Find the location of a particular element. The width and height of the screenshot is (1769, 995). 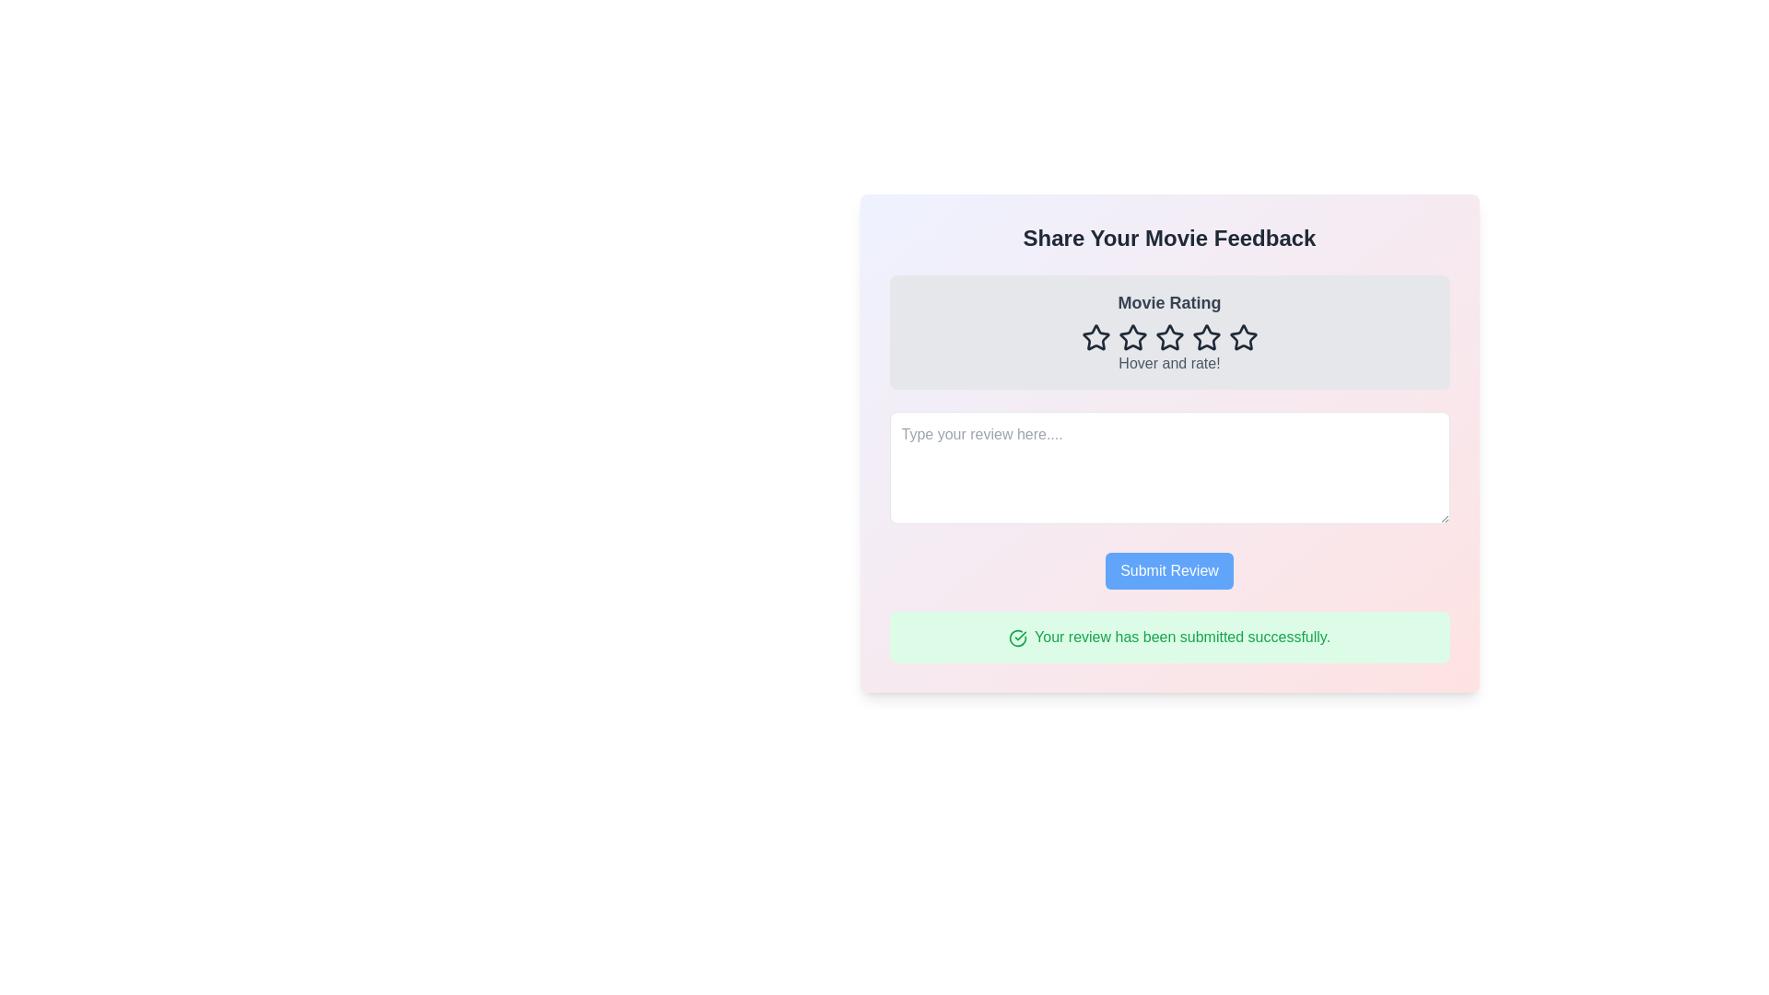

on the third rating star icon in the Movie Rating section of the feedback form is located at coordinates (1131, 337).